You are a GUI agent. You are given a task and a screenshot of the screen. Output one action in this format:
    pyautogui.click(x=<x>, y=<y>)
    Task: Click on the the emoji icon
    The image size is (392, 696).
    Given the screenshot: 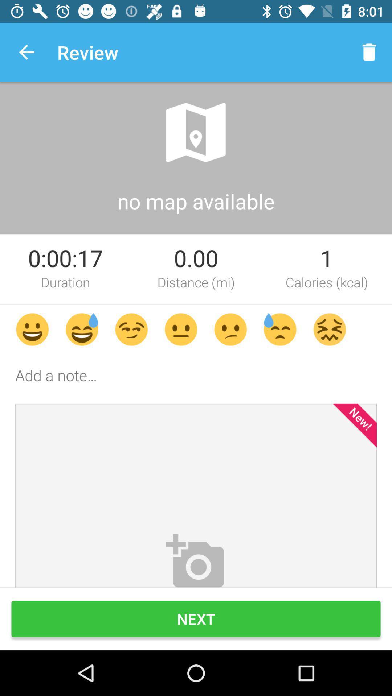 What is the action you would take?
    pyautogui.click(x=32, y=329)
    